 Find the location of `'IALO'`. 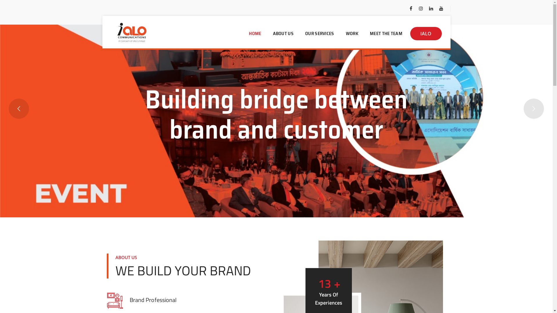

'IALO' is located at coordinates (426, 33).